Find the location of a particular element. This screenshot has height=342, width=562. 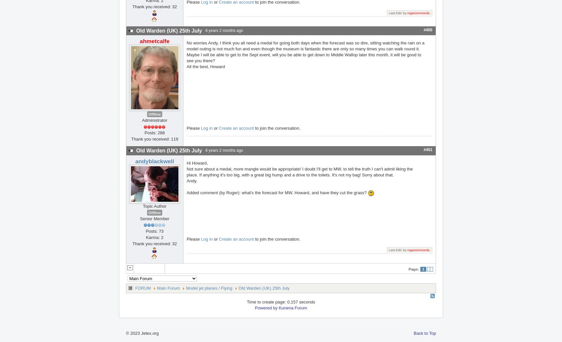

'Not sure about a medal, more mangle would be appropriate! I doubt I'll get to MW, to tell the truth I can't admit liking the place. If anything it's too big, with a great big hump and a drive to the toilets. It's not my bag! Sorry about that.' is located at coordinates (187, 171).